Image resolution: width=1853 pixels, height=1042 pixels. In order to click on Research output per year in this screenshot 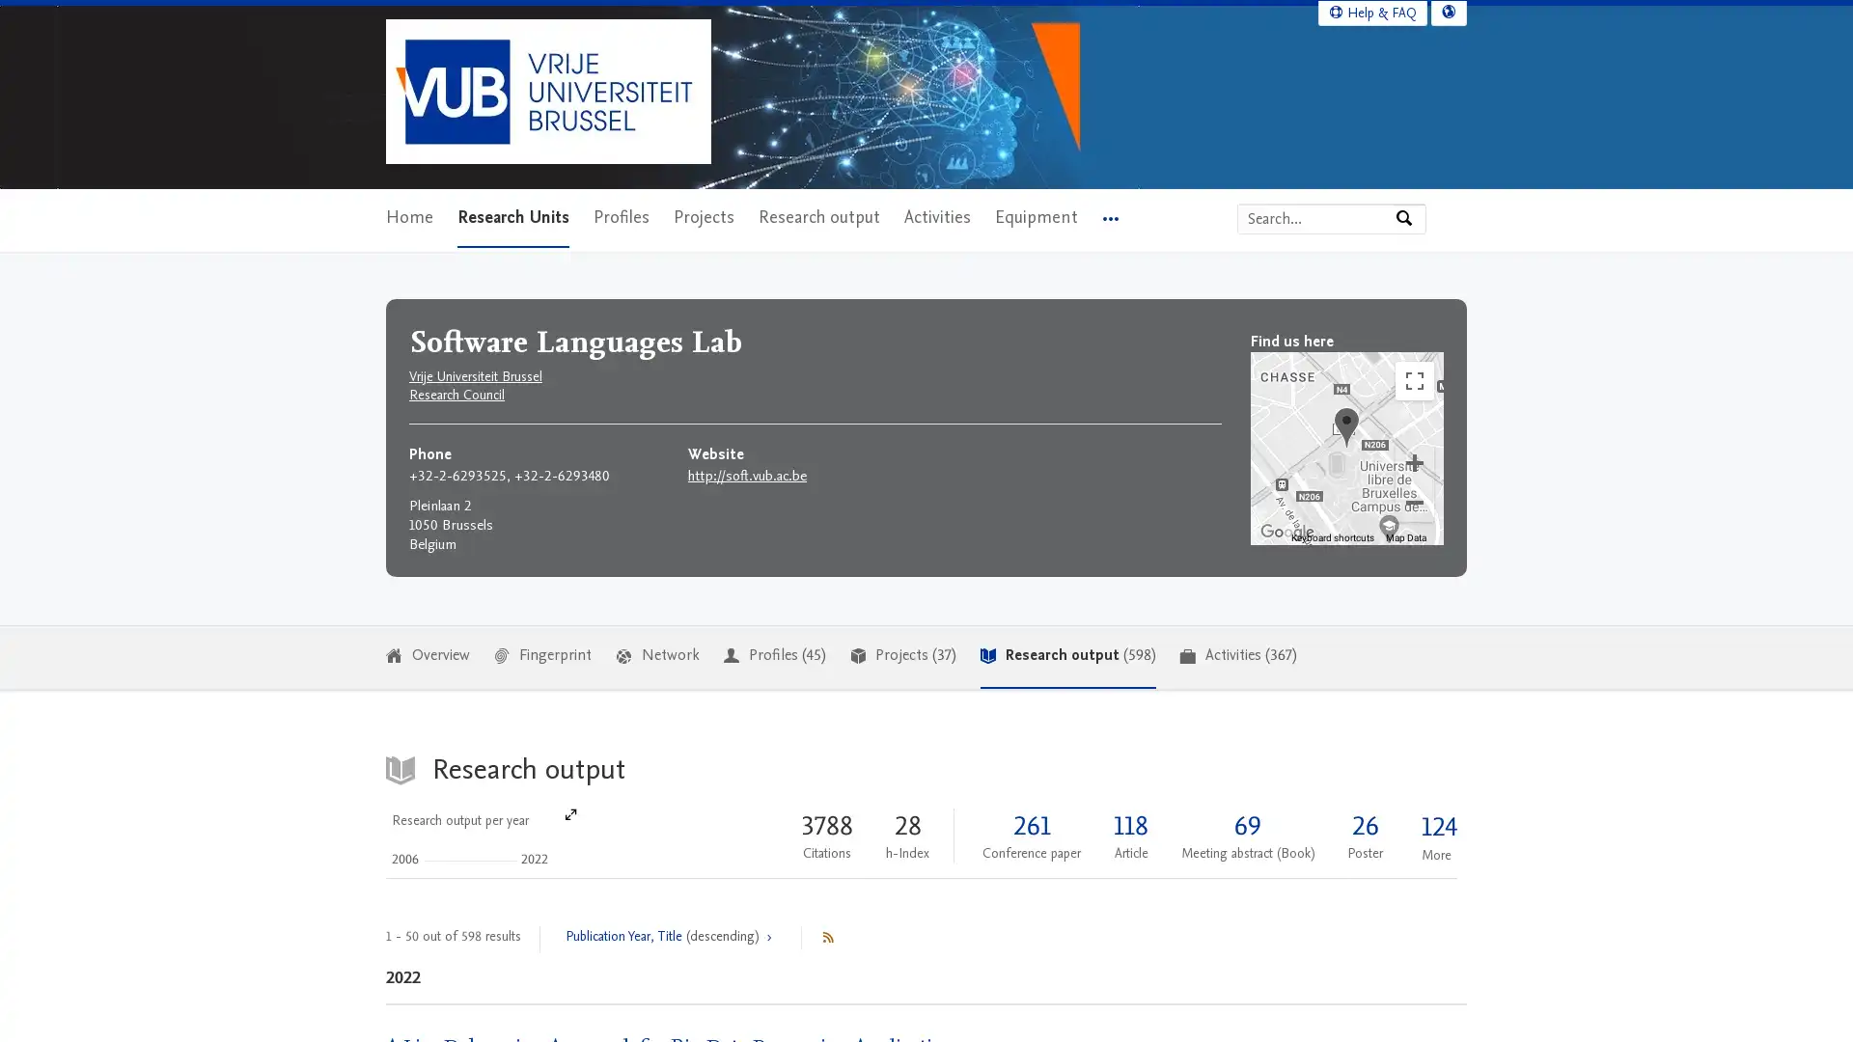, I will do `click(482, 836)`.